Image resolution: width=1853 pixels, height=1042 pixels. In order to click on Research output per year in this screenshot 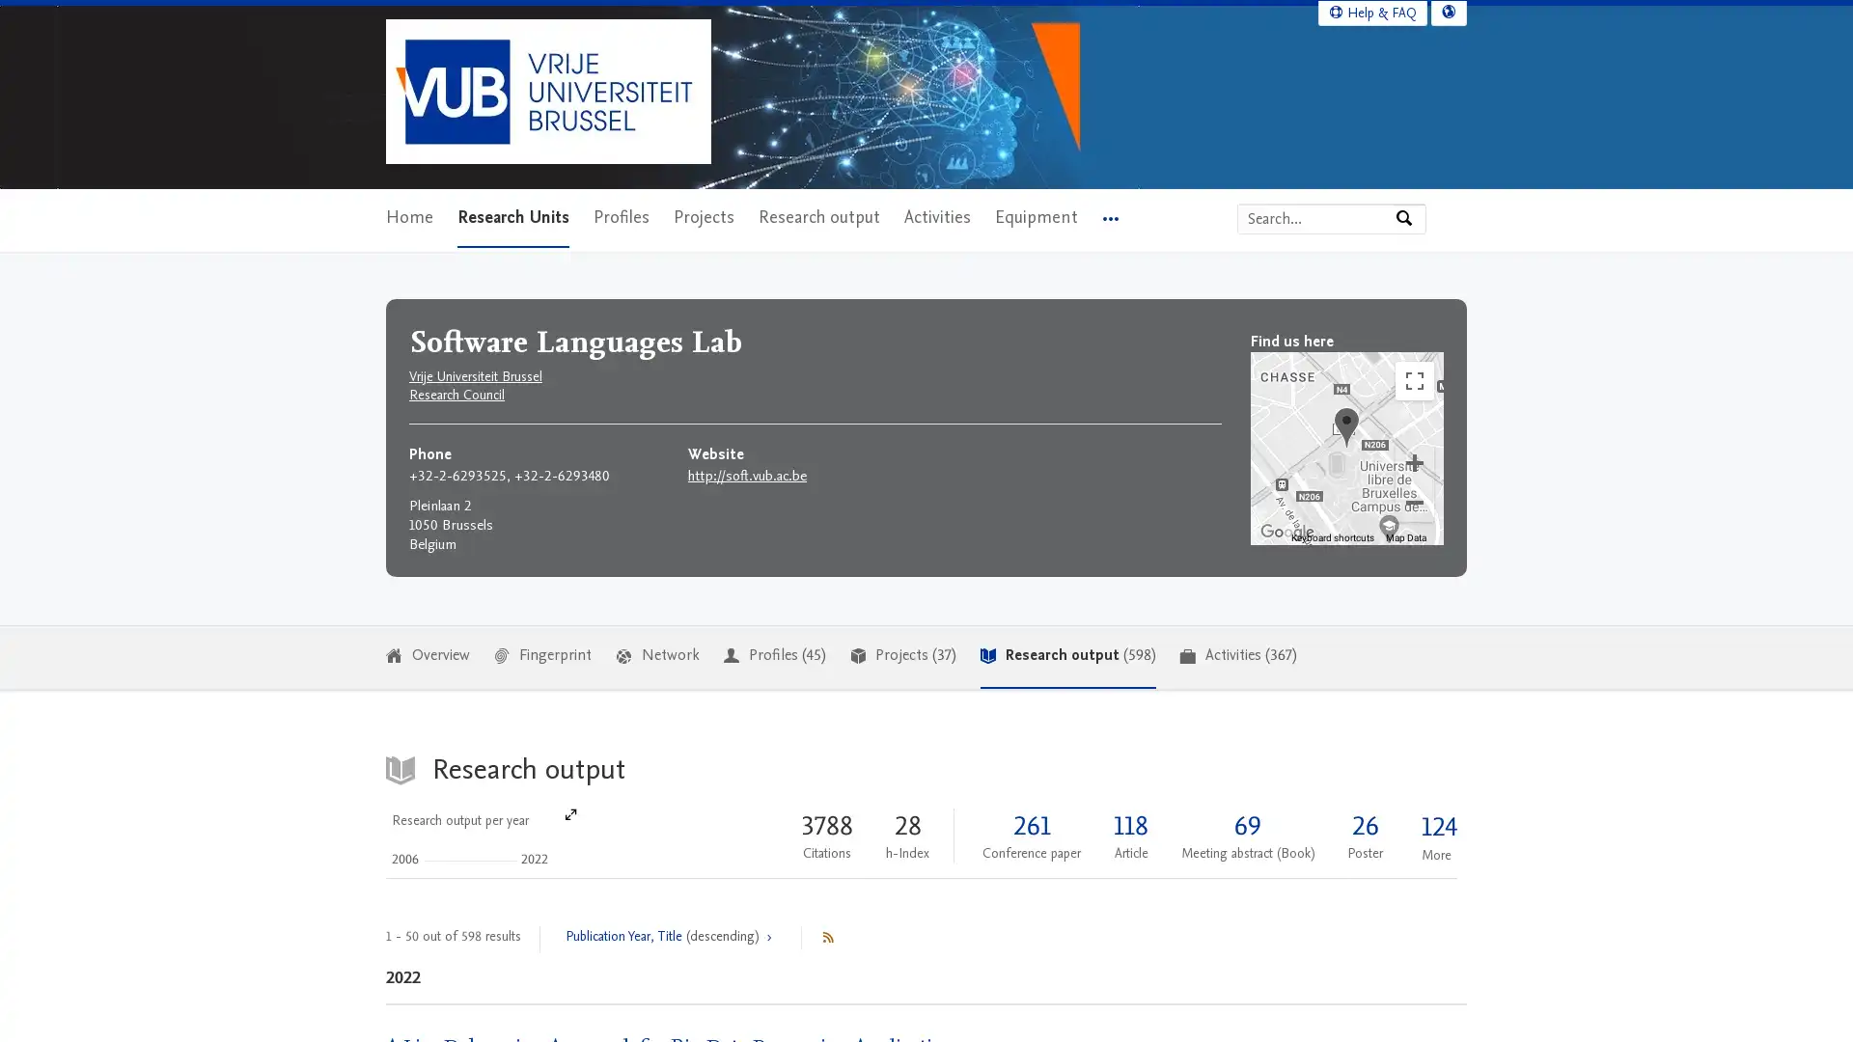, I will do `click(482, 836)`.